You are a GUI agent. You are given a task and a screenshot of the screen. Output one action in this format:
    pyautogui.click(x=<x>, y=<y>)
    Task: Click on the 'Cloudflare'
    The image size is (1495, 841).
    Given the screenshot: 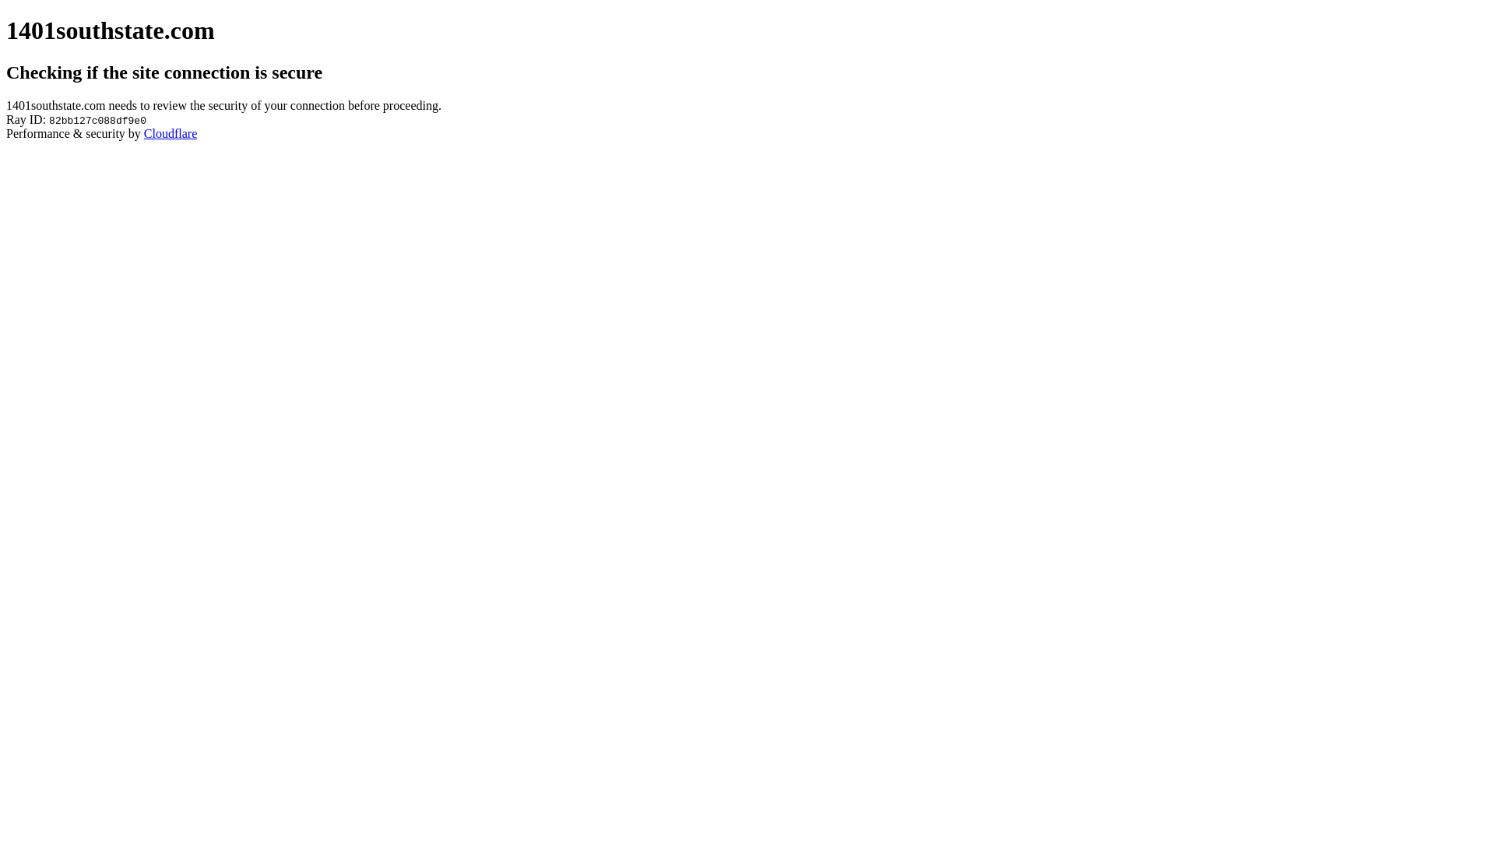 What is the action you would take?
    pyautogui.click(x=171, y=132)
    